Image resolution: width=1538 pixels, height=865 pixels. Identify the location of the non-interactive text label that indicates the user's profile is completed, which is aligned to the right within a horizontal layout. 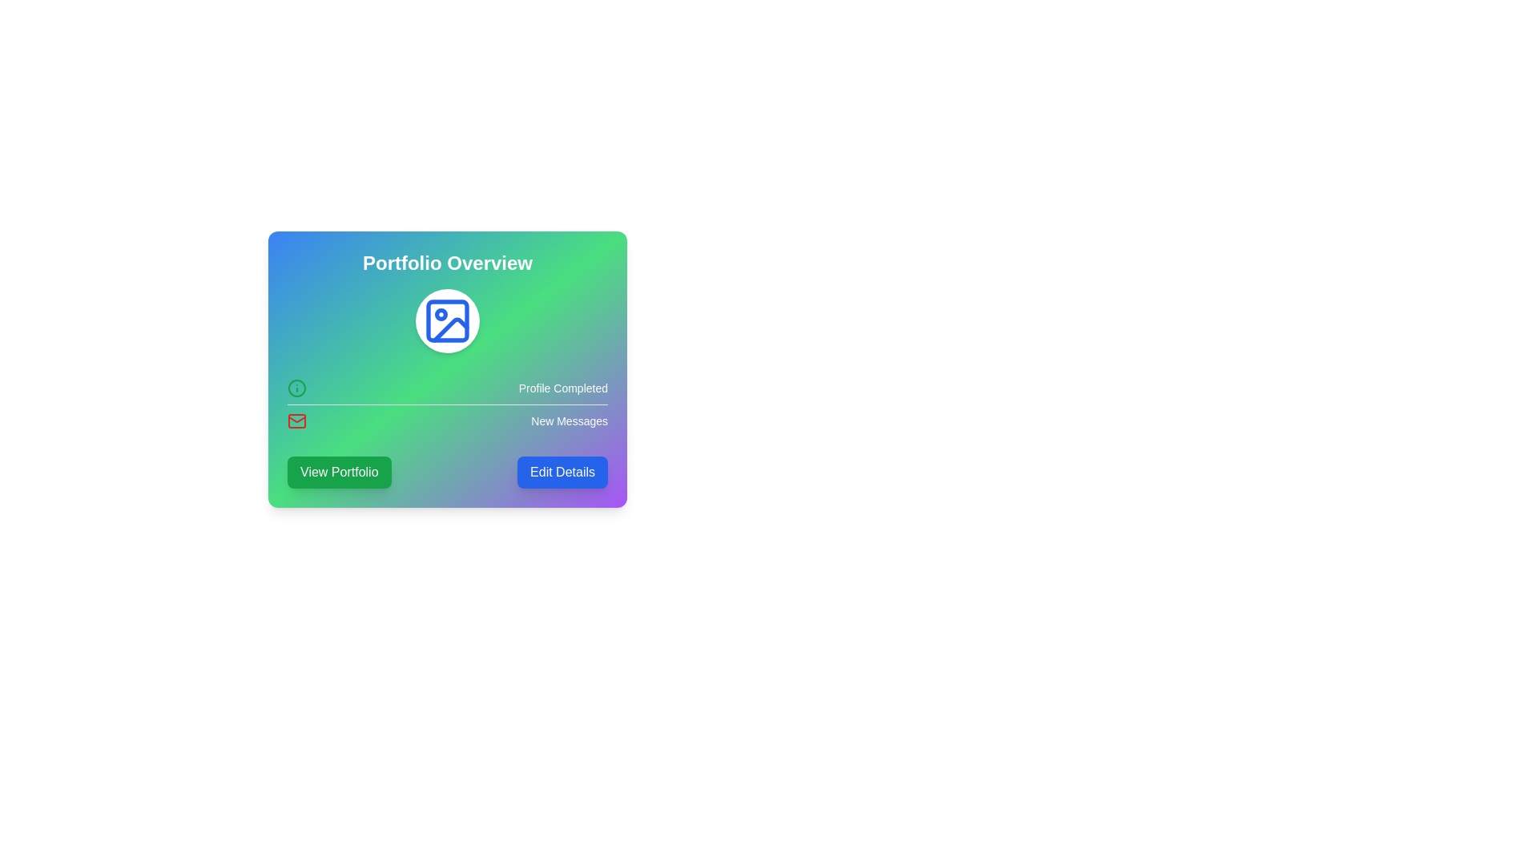
(563, 388).